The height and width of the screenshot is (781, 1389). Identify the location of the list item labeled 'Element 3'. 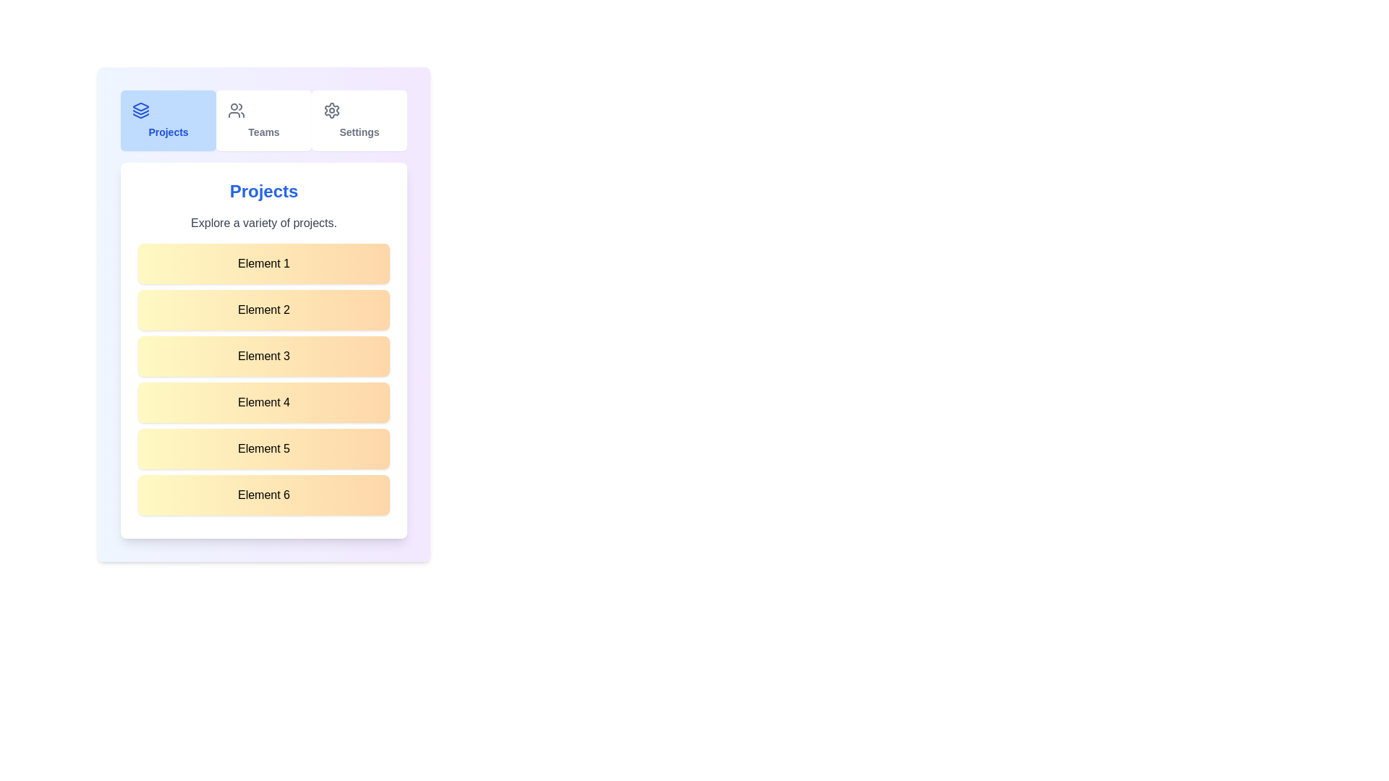
(263, 357).